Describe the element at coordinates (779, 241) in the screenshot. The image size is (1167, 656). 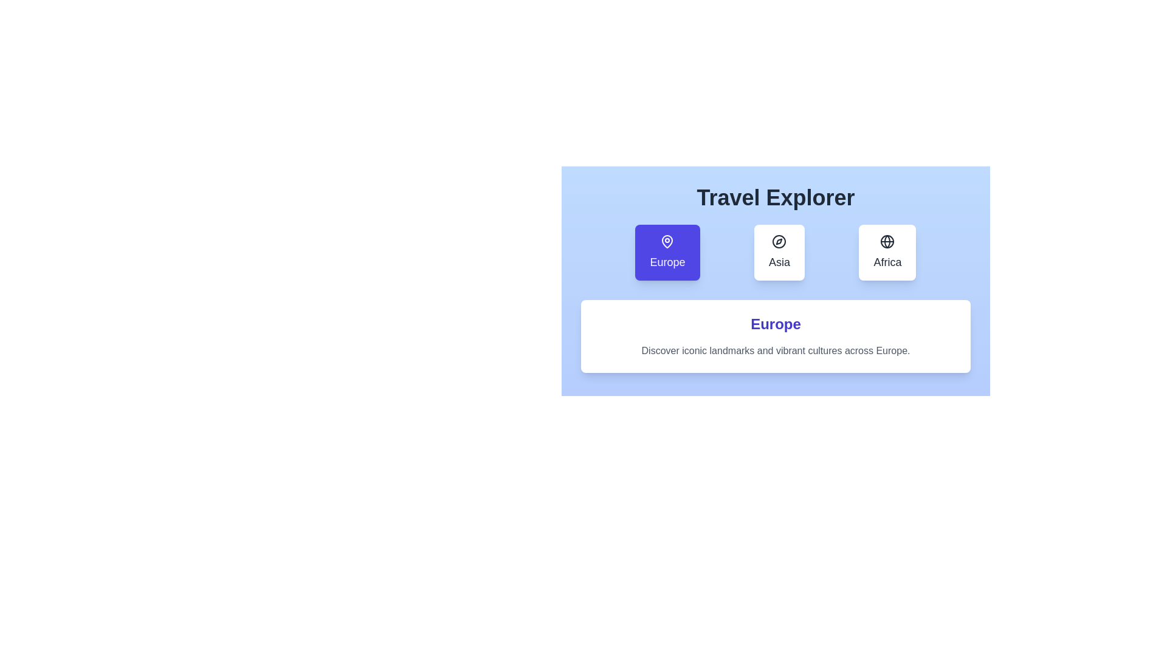
I see `the circular SVG element with a dark stroke, located at the center of the compass icon labeled 'Europe' beneath 'Travel Explorer'` at that location.